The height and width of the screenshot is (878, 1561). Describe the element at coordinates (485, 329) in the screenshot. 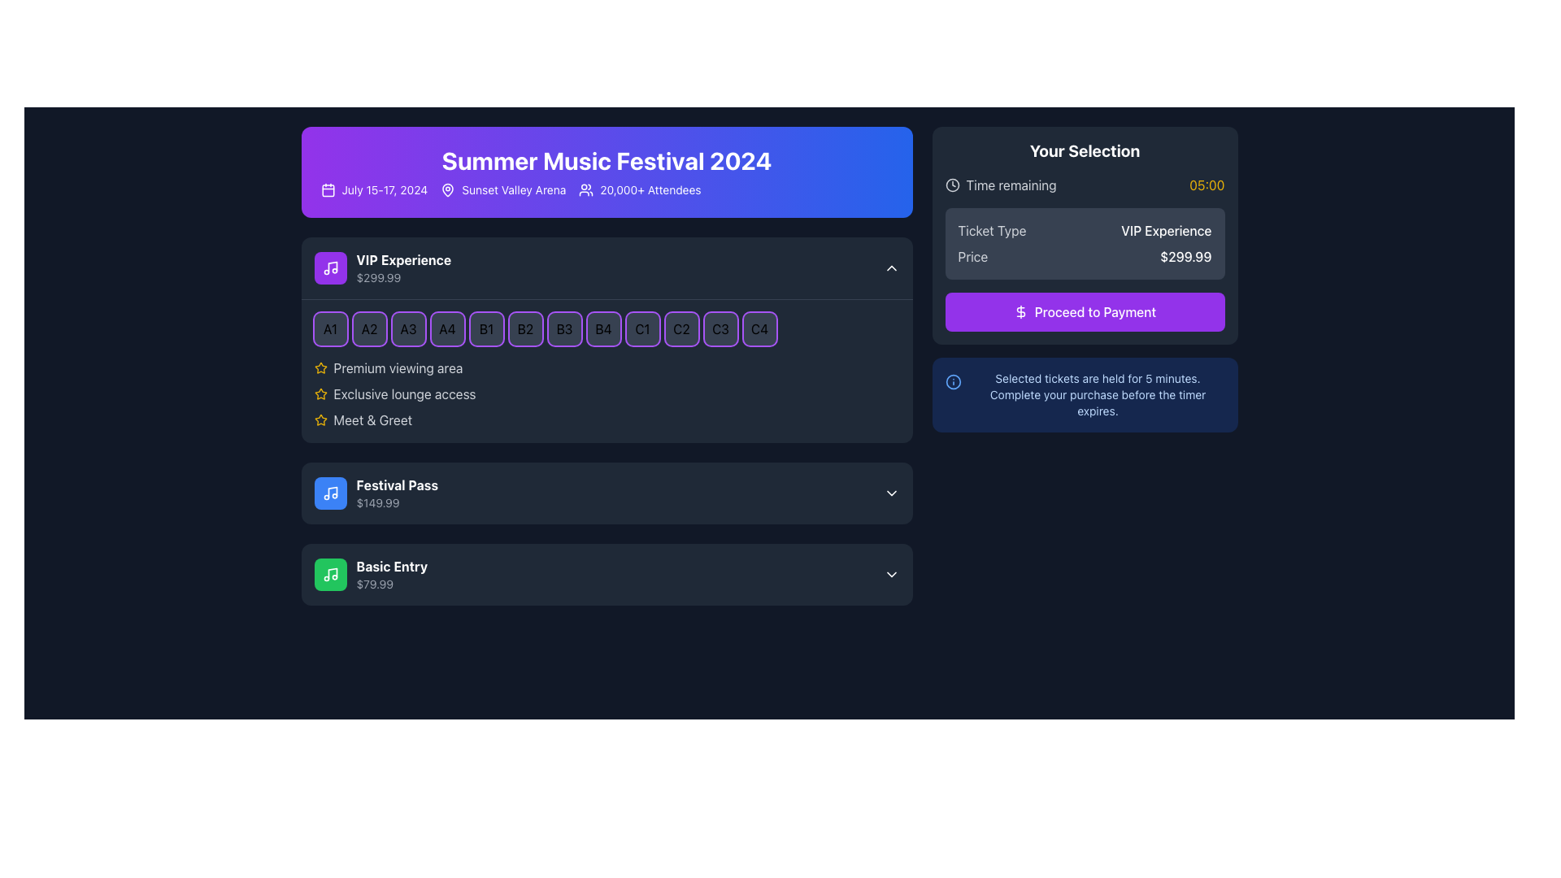

I see `the button labeled 'B1' with a dark background and purple outline in the 'VIP Experience' section` at that location.